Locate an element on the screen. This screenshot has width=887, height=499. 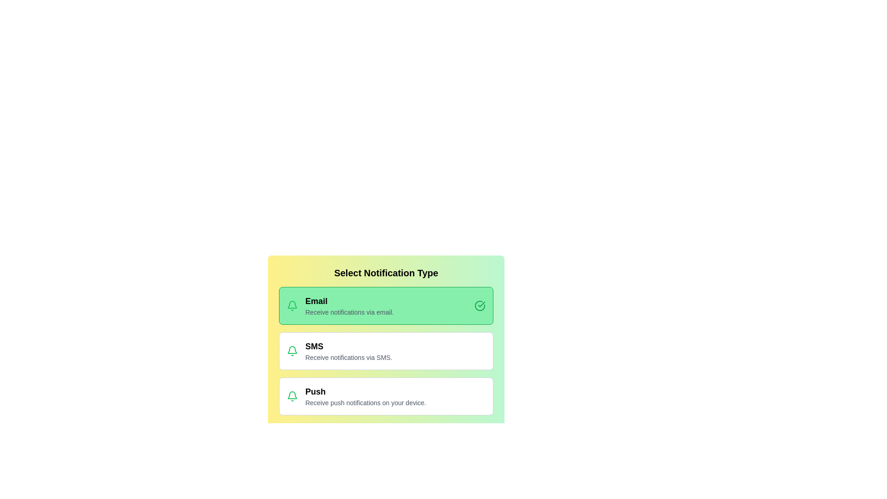
the SMS notification type button is located at coordinates (386, 351).